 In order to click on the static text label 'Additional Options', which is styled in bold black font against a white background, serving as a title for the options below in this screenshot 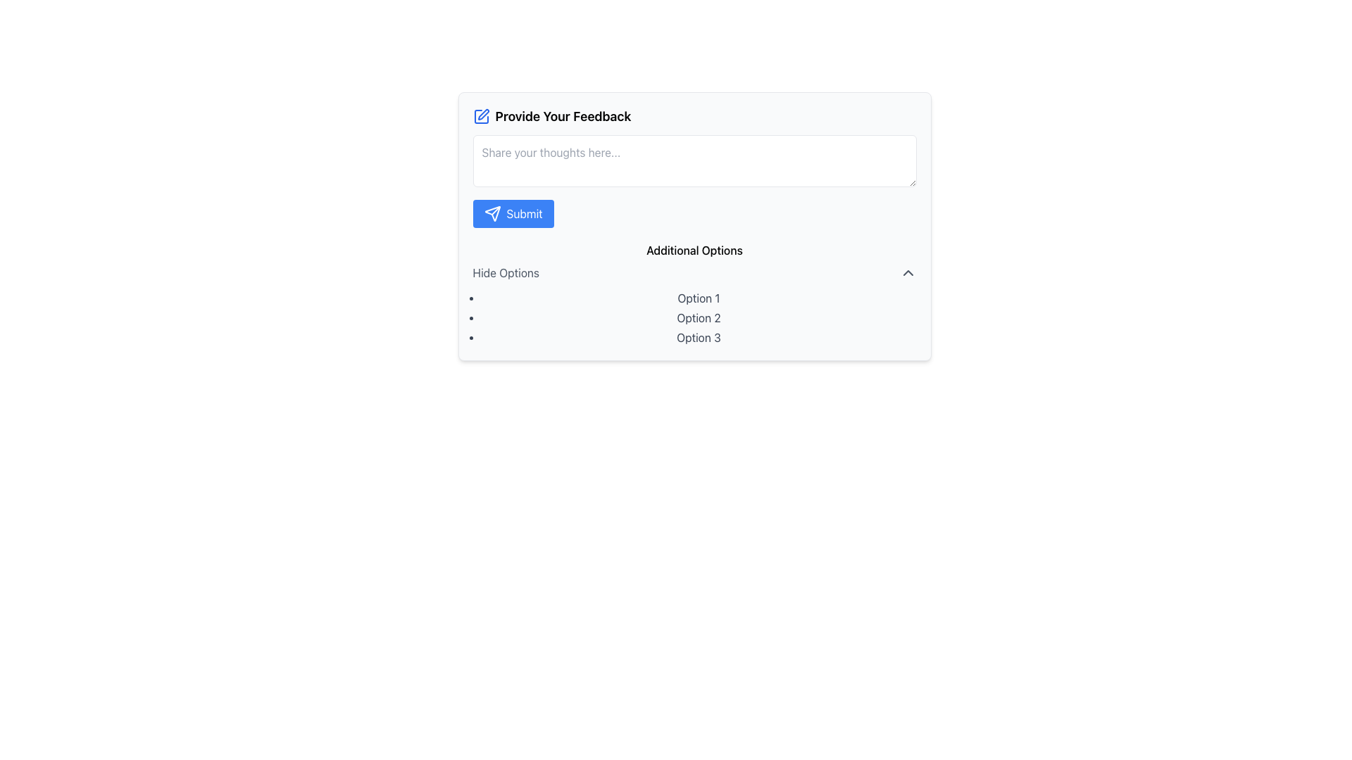, I will do `click(694, 249)`.